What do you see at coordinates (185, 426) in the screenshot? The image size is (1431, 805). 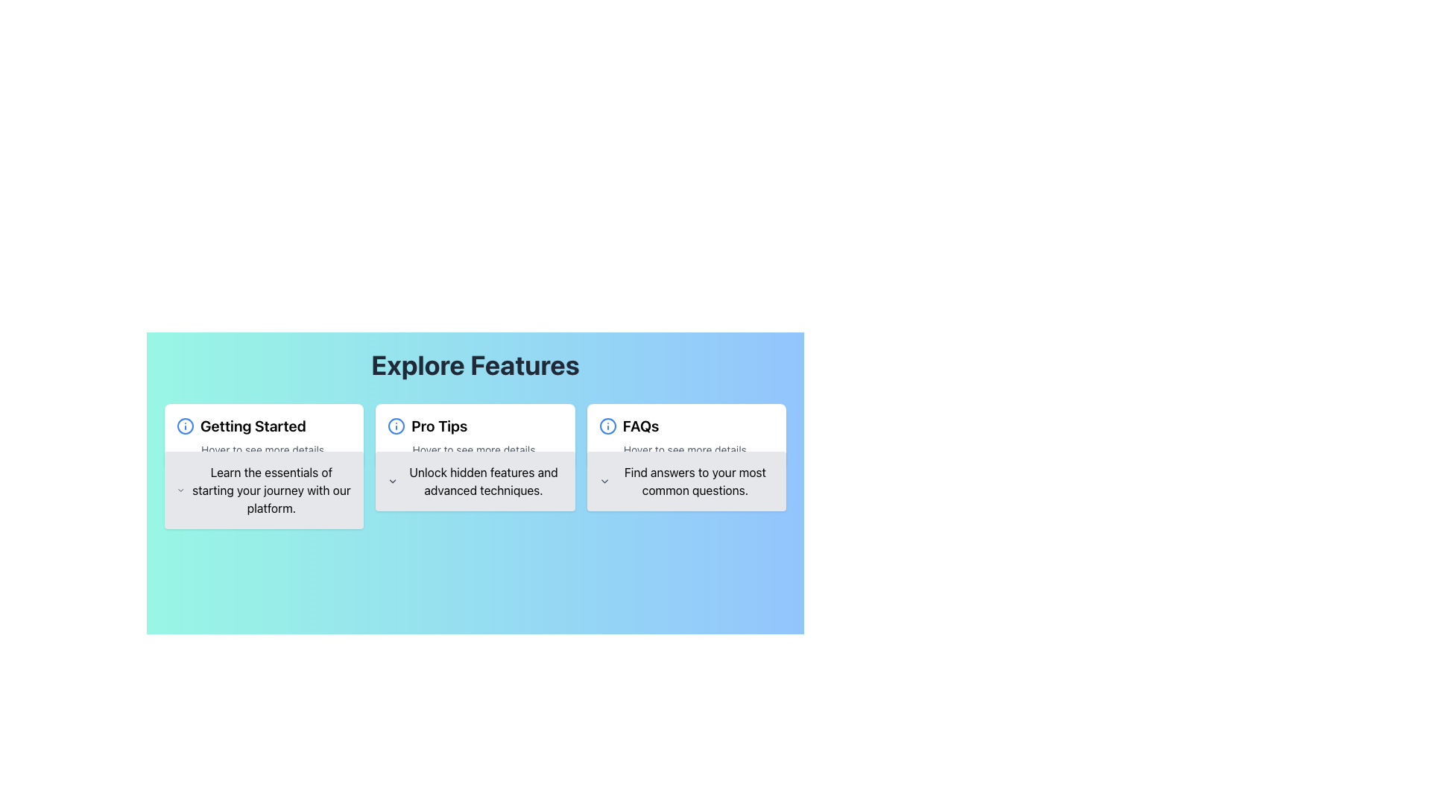 I see `the blue circular SVG element located at the top-left corner of the 'Getting Started' card` at bounding box center [185, 426].